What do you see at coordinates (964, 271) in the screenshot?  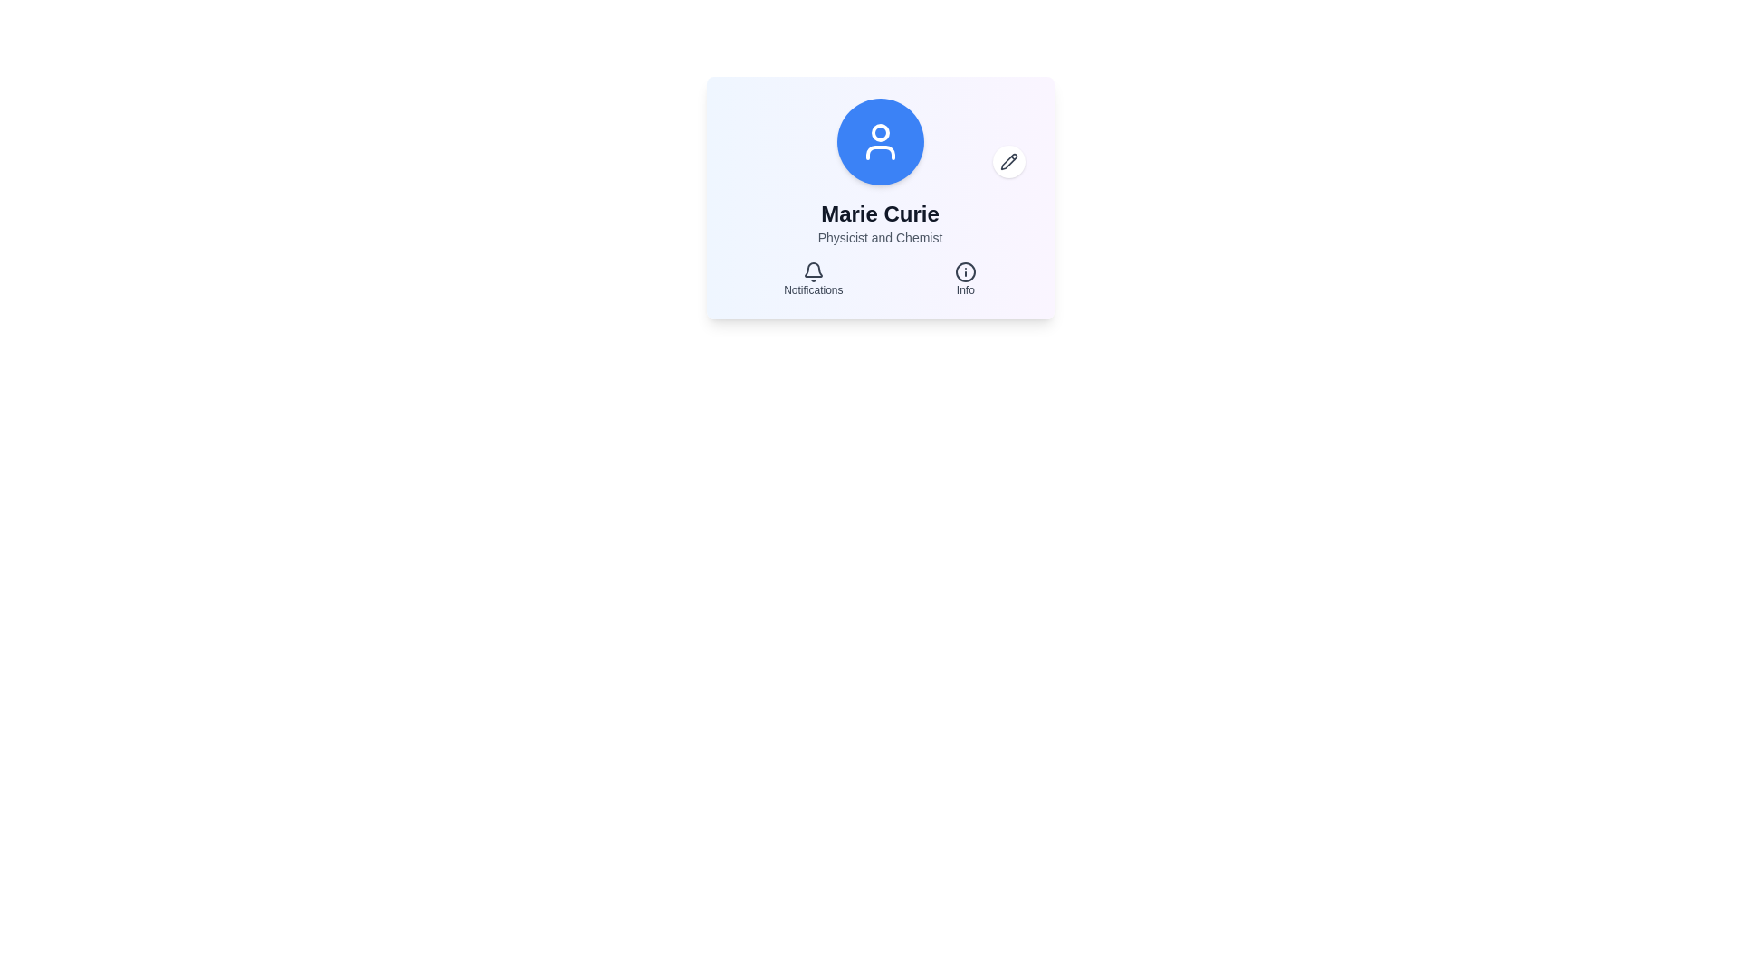 I see `the circular 'Info' icon with a gray 'i' symbol` at bounding box center [964, 271].